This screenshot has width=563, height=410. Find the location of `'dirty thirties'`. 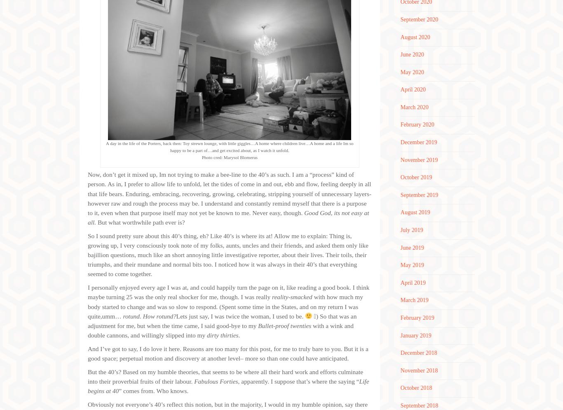

'dirty thirties' is located at coordinates (206, 334).